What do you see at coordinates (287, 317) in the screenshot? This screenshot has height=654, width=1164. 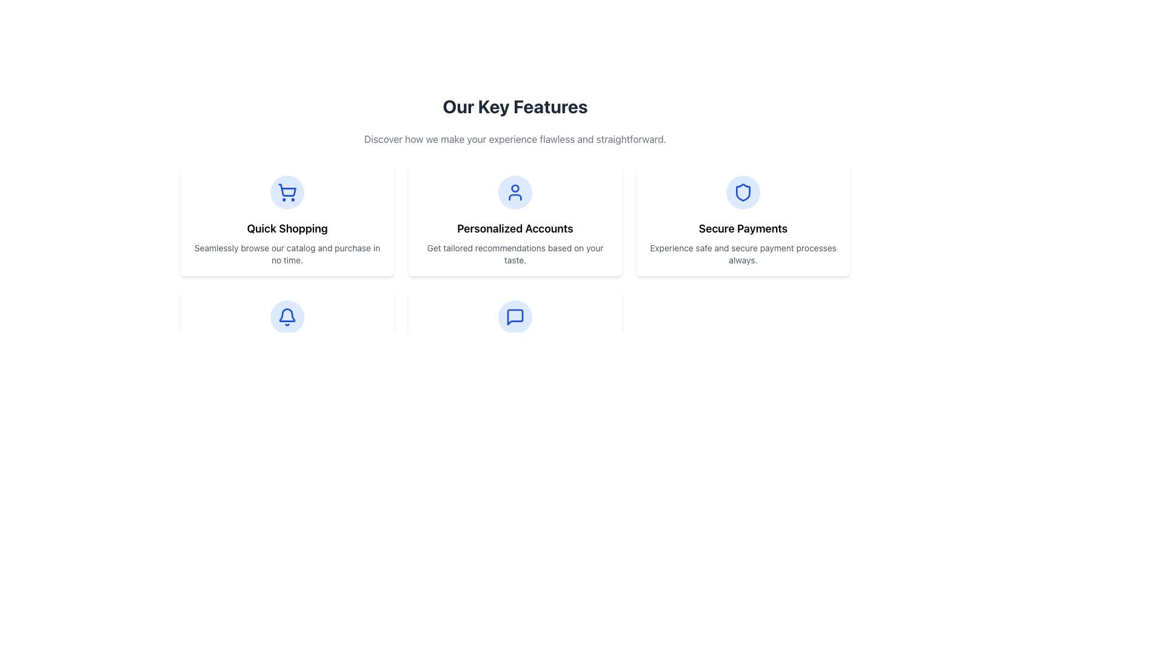 I see `the central decorative icon of the notification card located in the leftmost column of the secondary row under the main feature grid` at bounding box center [287, 317].